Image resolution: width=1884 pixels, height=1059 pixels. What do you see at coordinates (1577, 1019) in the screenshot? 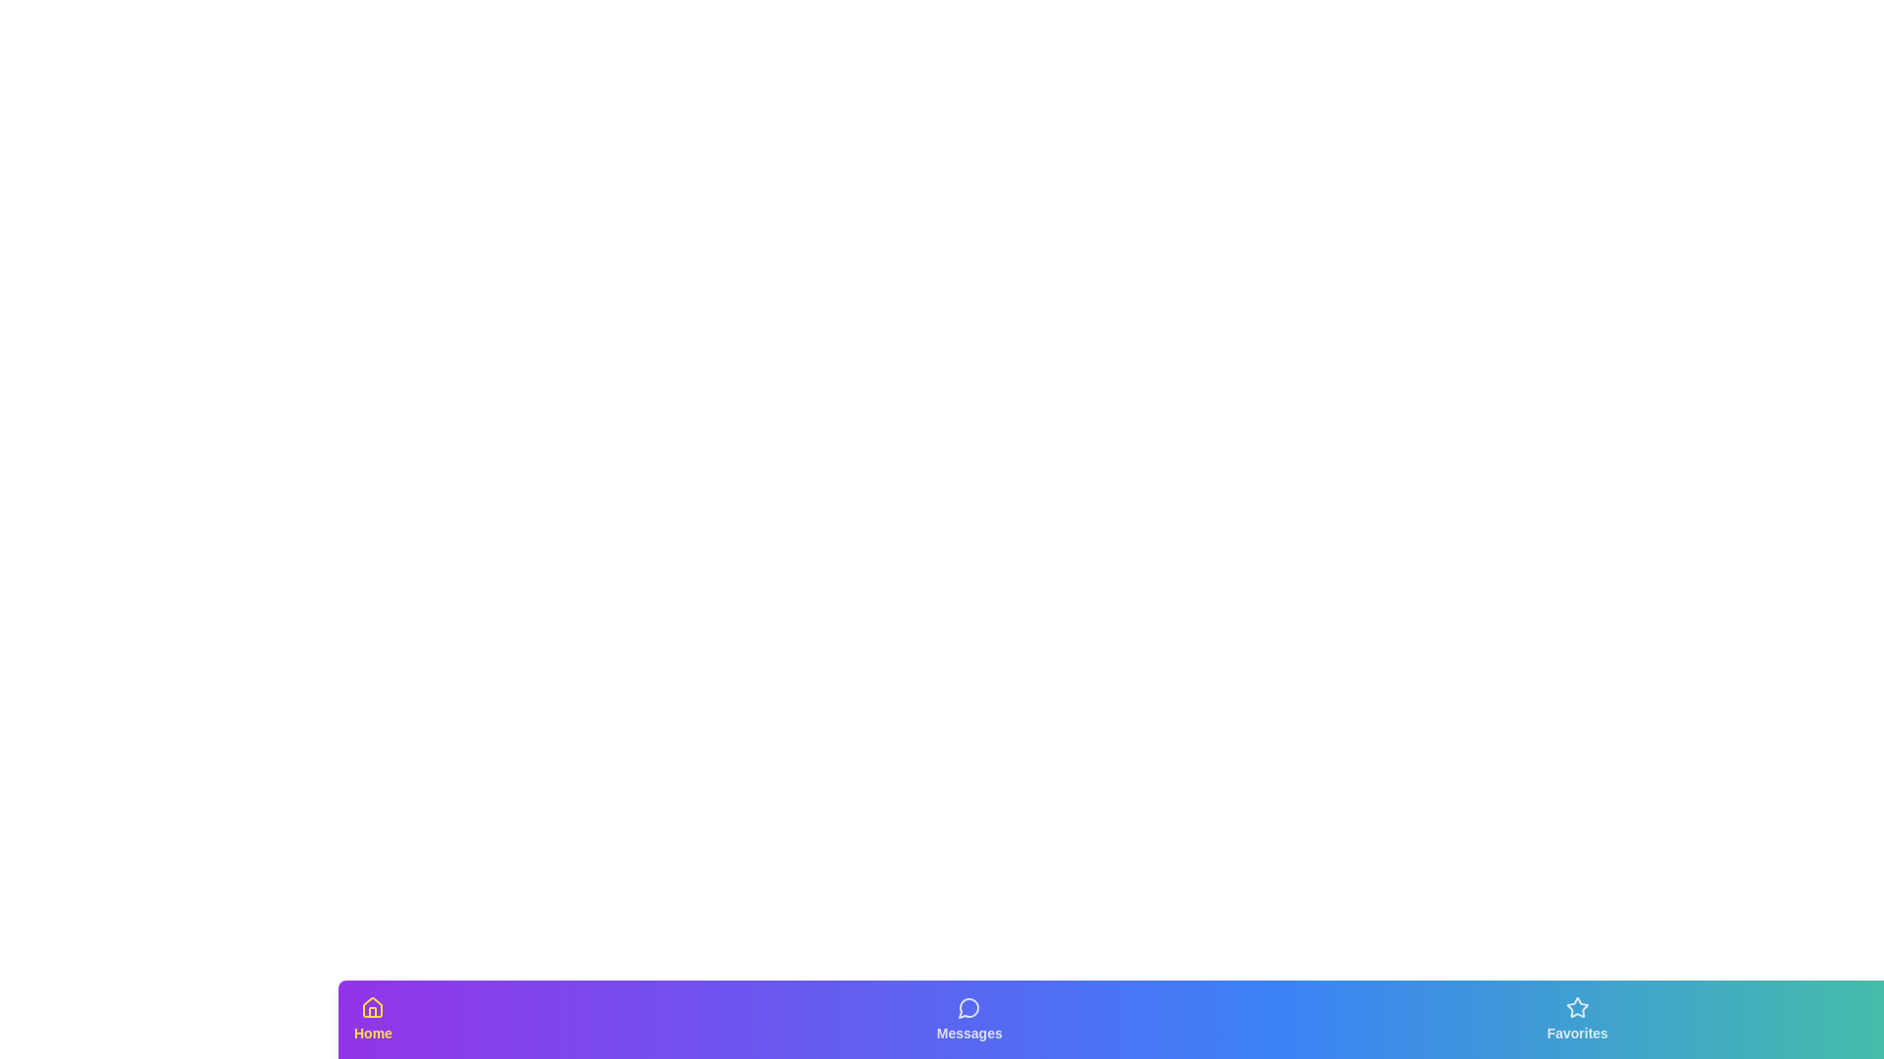
I see `the Favorites tab in the navigation bar` at bounding box center [1577, 1019].